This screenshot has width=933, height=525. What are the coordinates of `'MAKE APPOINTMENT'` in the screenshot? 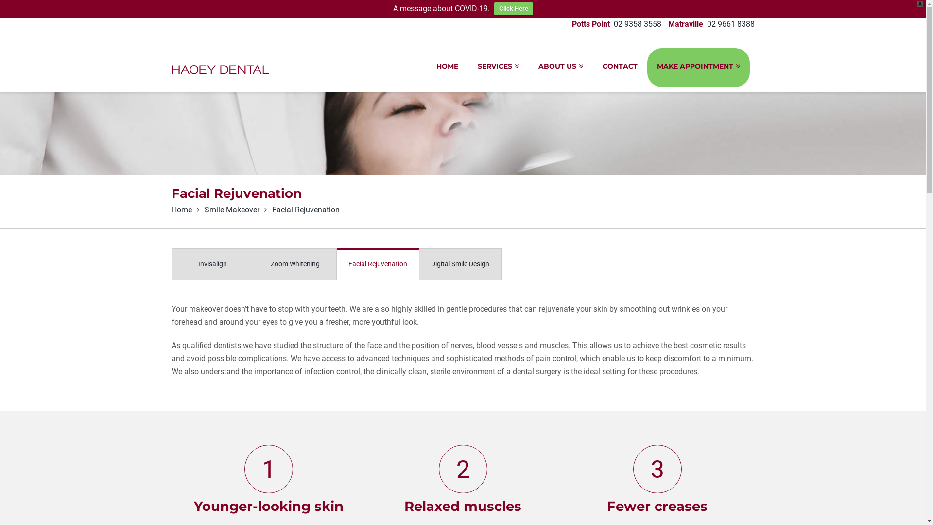 It's located at (698, 67).